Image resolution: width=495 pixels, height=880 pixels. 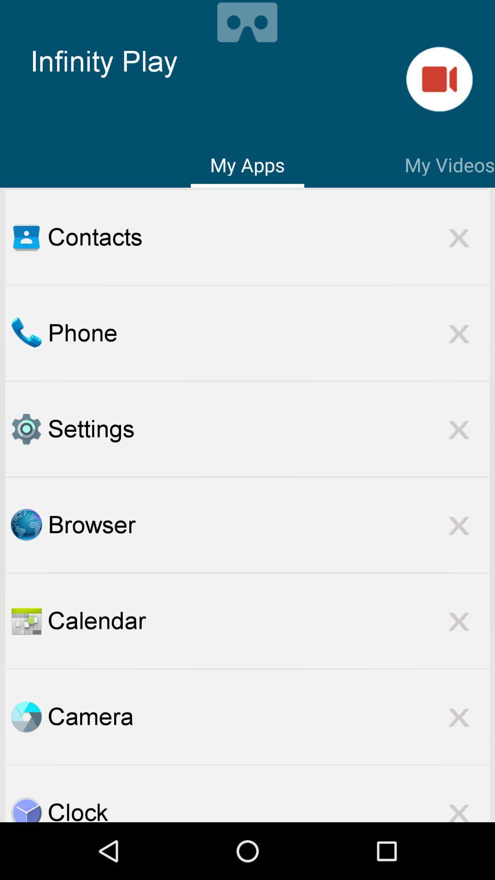 What do you see at coordinates (459, 621) in the screenshot?
I see `a cancel option` at bounding box center [459, 621].